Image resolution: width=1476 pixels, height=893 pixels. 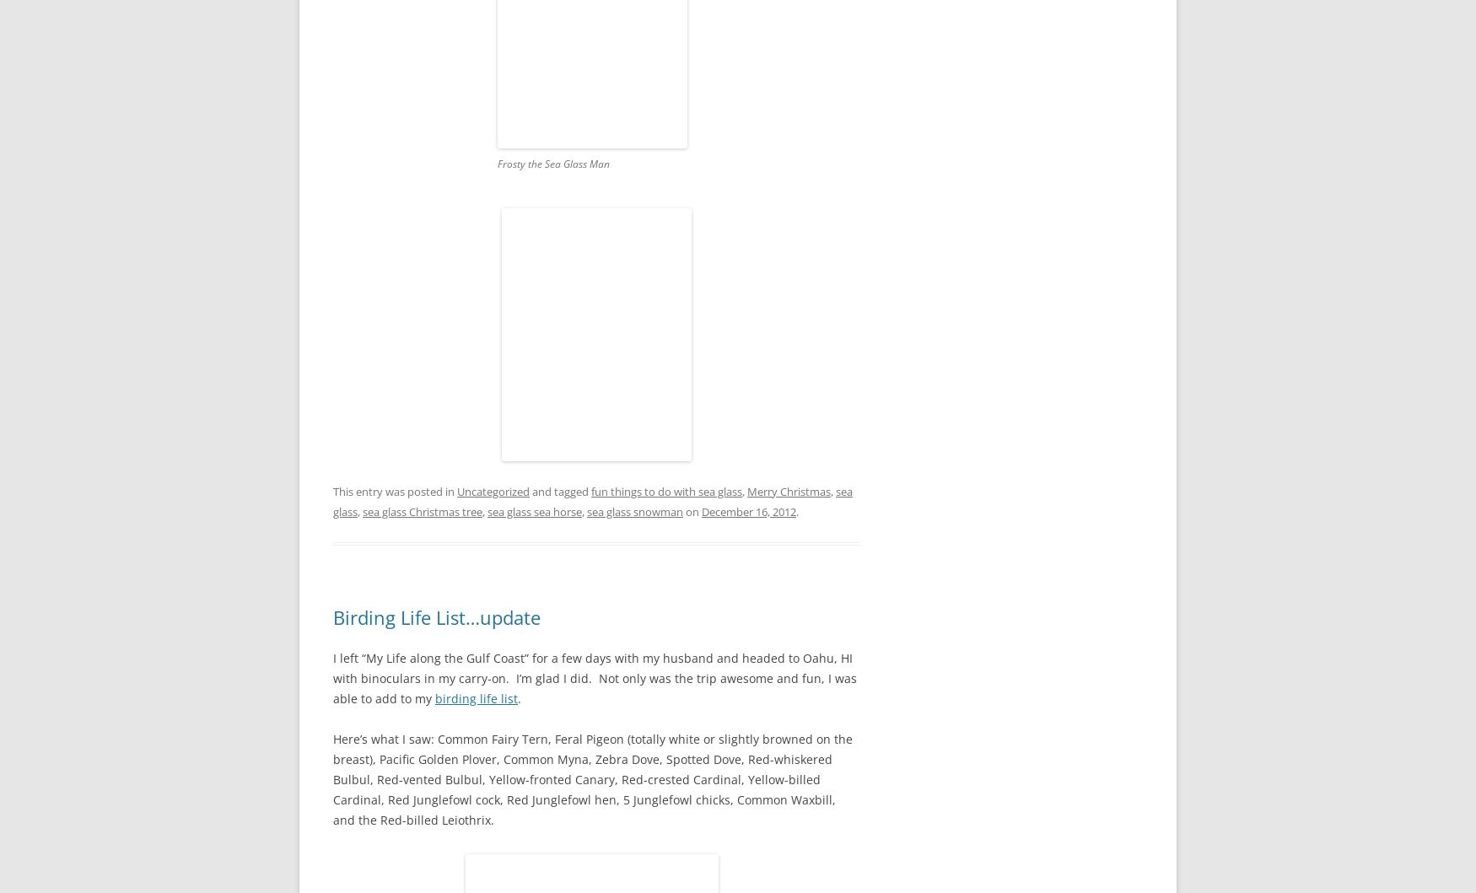 I want to click on 'December 16, 2012', so click(x=747, y=509).